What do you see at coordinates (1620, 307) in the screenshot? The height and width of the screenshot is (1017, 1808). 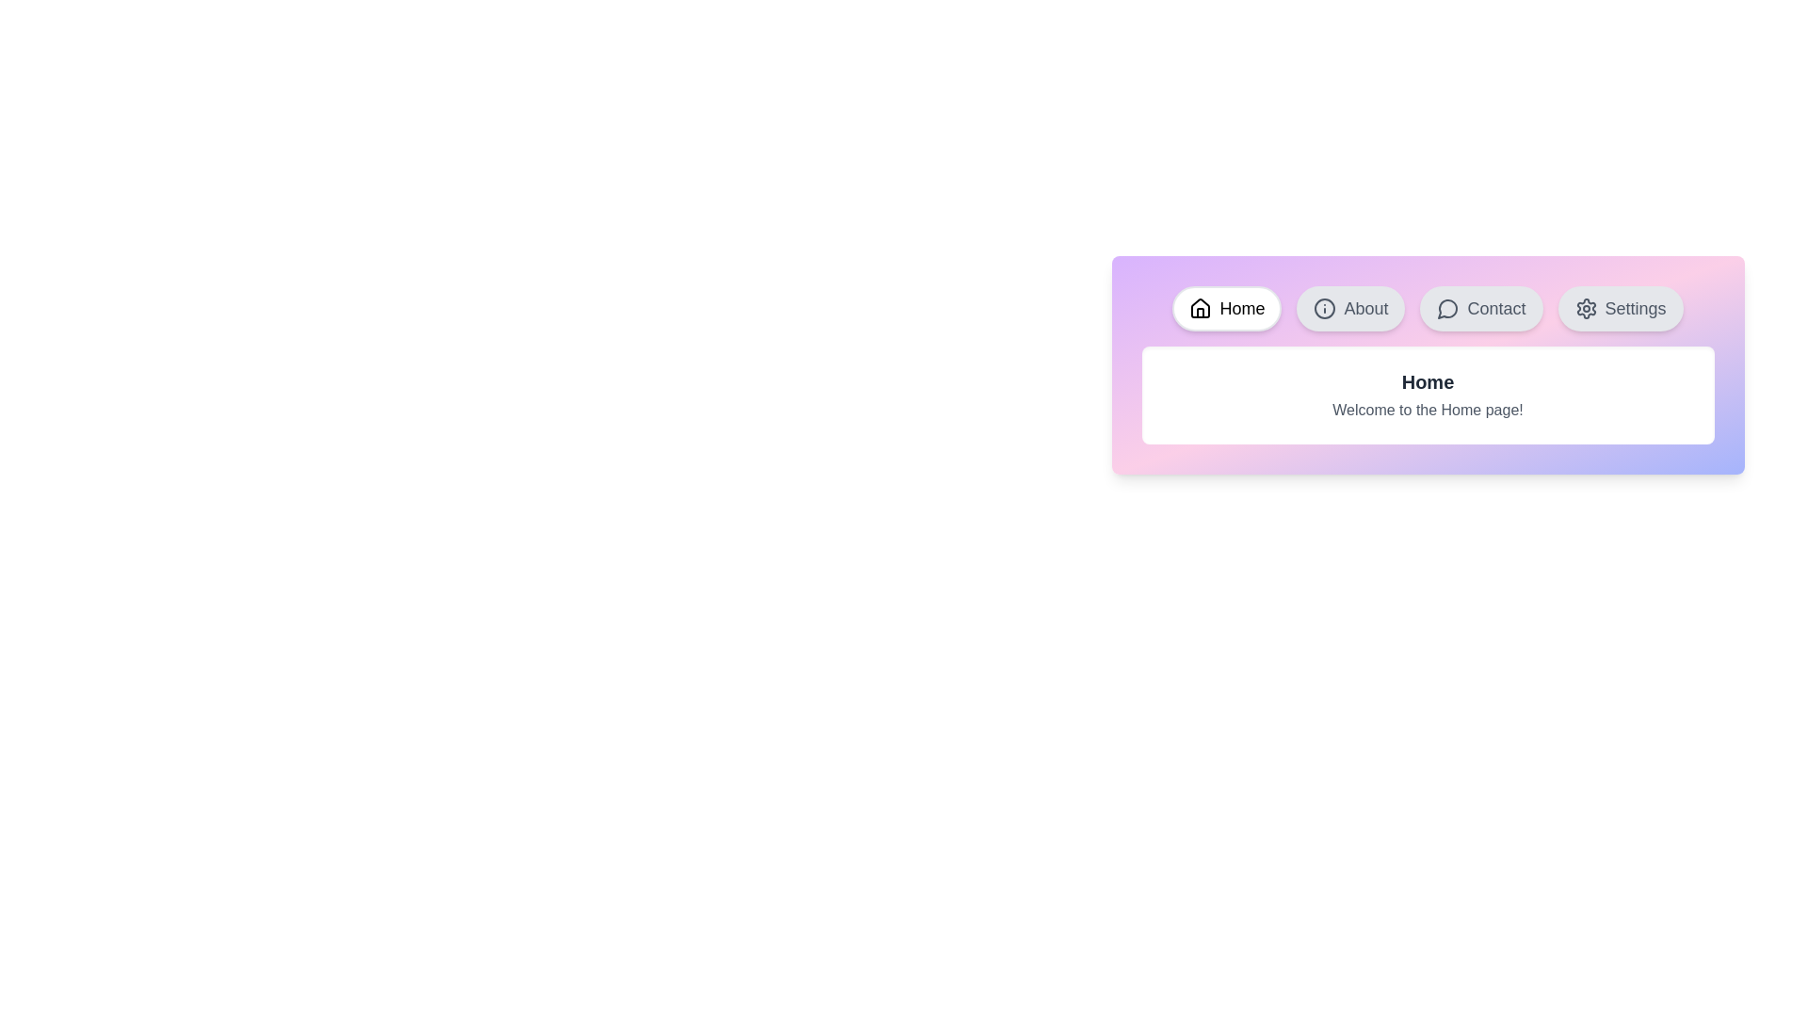 I see `the tab button labeled Settings to activate the corresponding tab` at bounding box center [1620, 307].